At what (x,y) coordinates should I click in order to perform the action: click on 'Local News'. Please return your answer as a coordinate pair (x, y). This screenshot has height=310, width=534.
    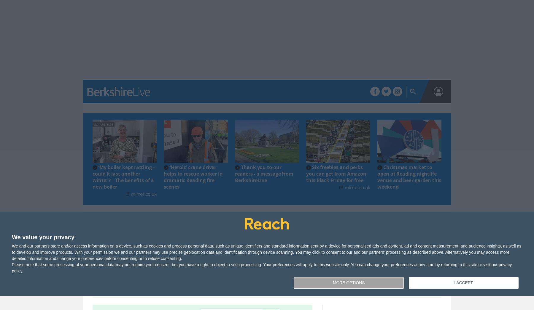
    Looking at the image, I should click on (129, 231).